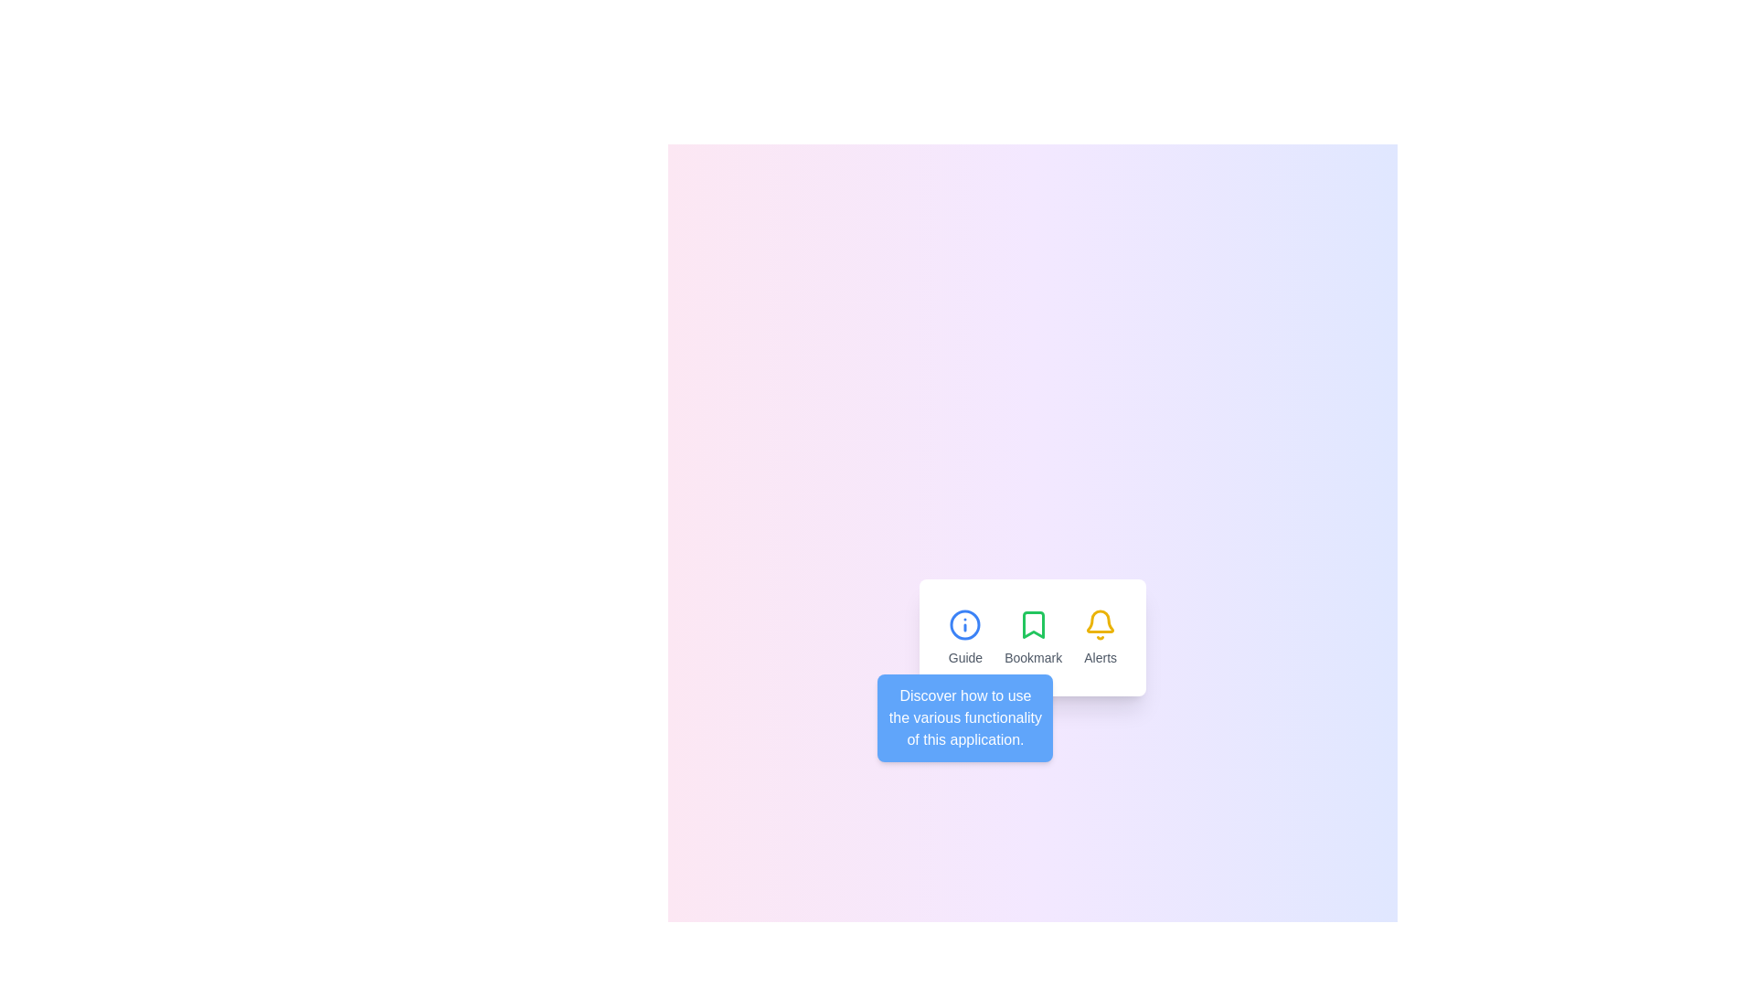  I want to click on the information icon with the label 'Guide', which is the first item in a group of three horizontally arranged elements, so click(964, 637).